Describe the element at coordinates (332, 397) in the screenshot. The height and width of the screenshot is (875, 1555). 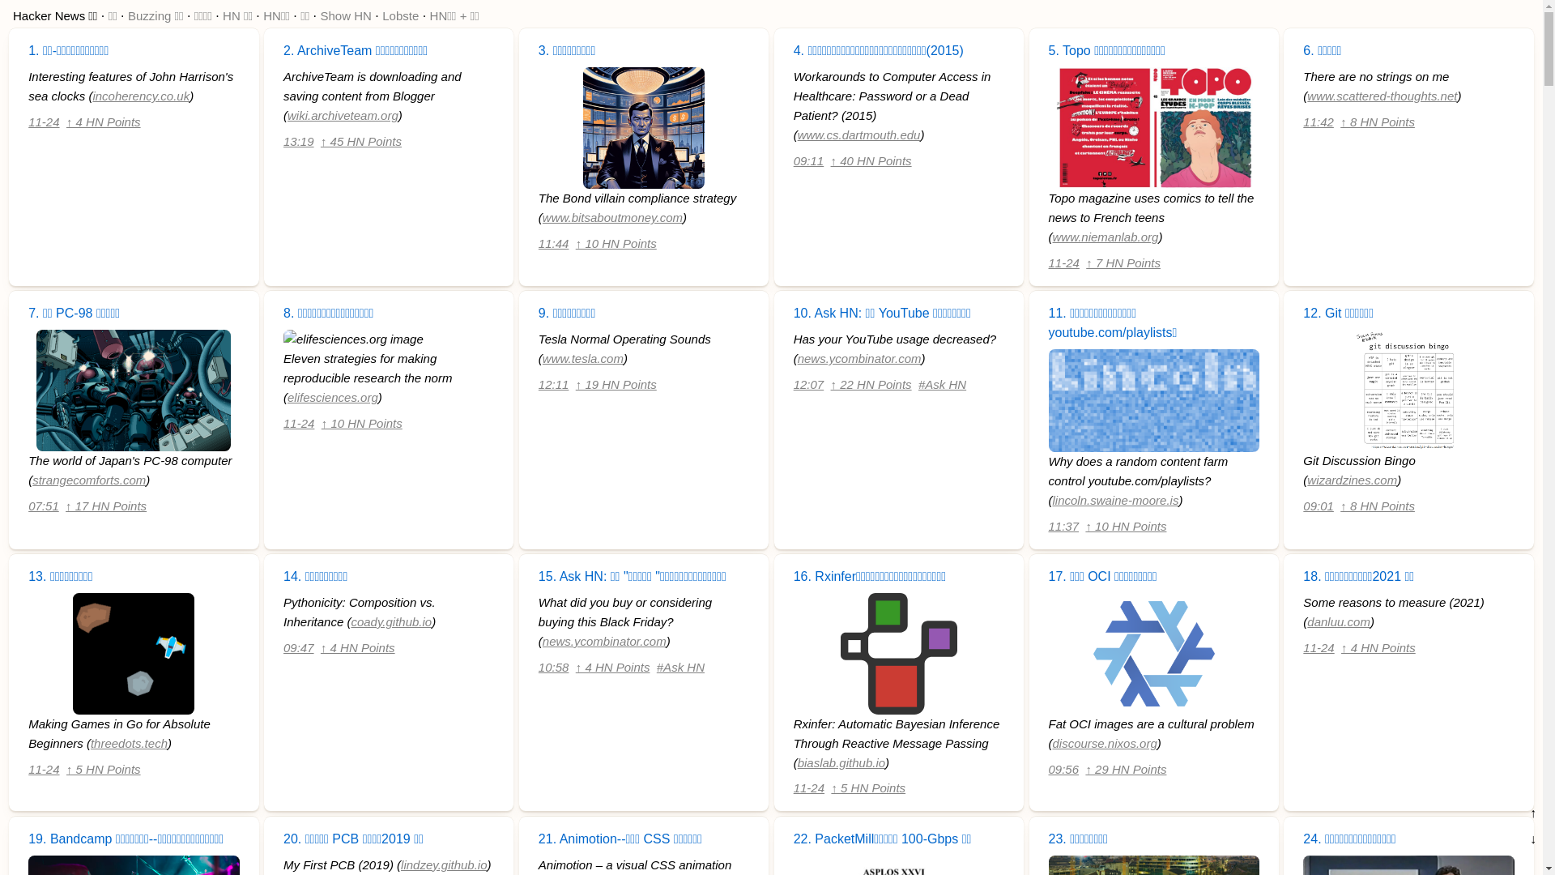
I see `'elifesciences.org'` at that location.